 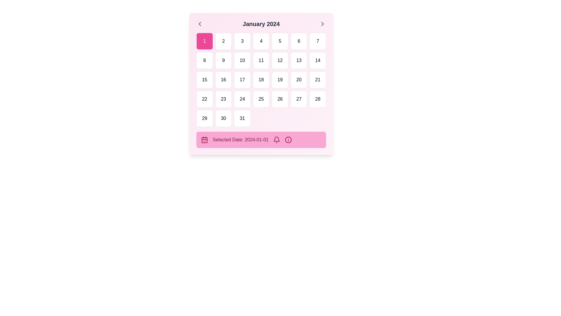 I want to click on the button displaying the number '5', which is part of the January 2024 calendar grid, so click(x=280, y=41).